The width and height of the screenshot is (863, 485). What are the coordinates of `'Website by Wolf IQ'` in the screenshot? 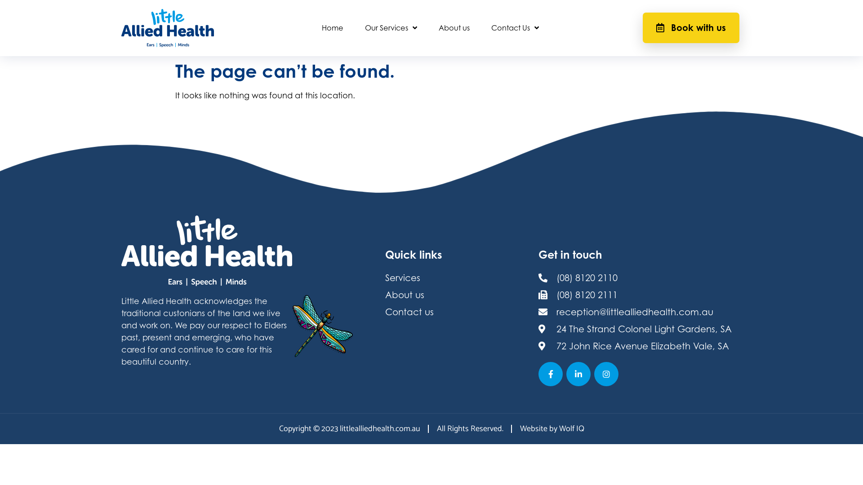 It's located at (551, 428).